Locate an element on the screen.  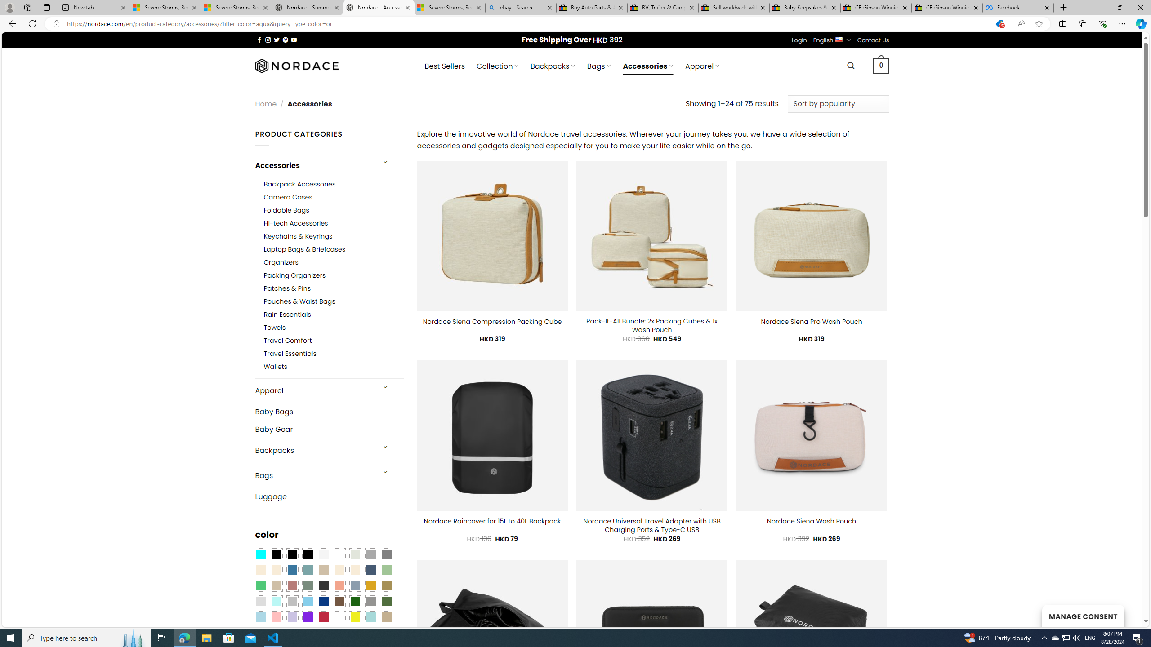
'All Black' is located at coordinates (276, 554).